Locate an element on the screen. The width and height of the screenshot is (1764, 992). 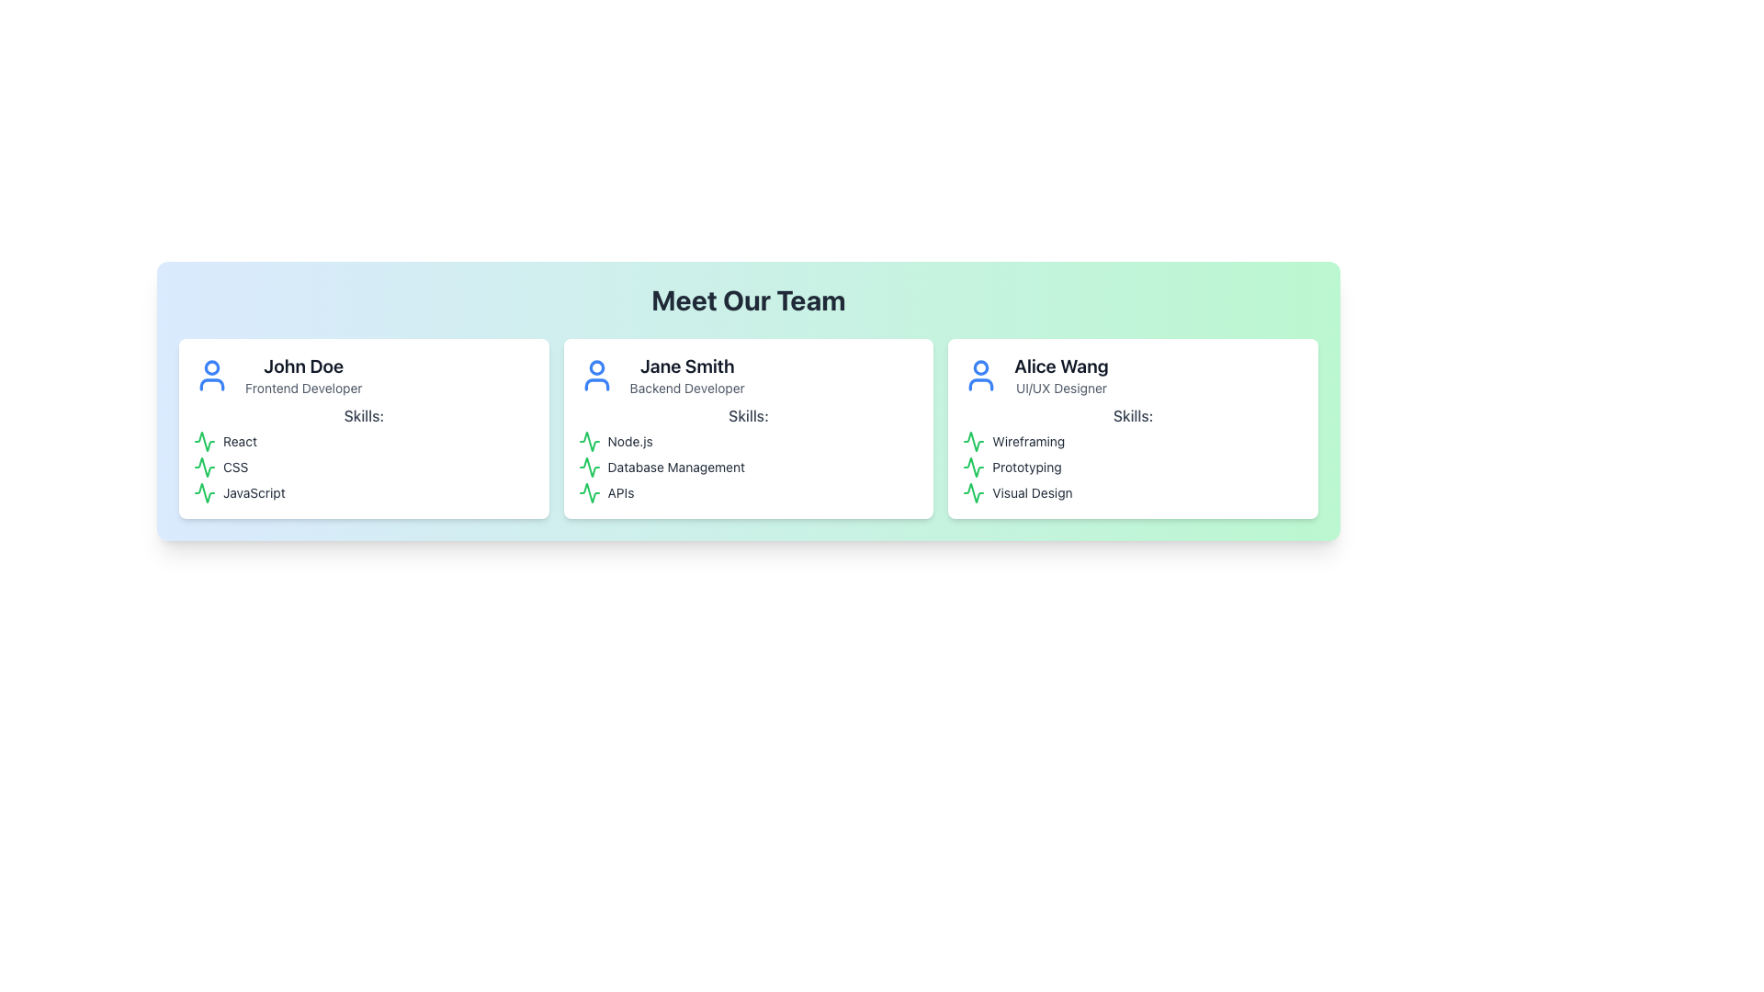
information displayed in the Profile Summary Component located in the third card of the team section, positioned near the top left just below the card title is located at coordinates (1132, 374).